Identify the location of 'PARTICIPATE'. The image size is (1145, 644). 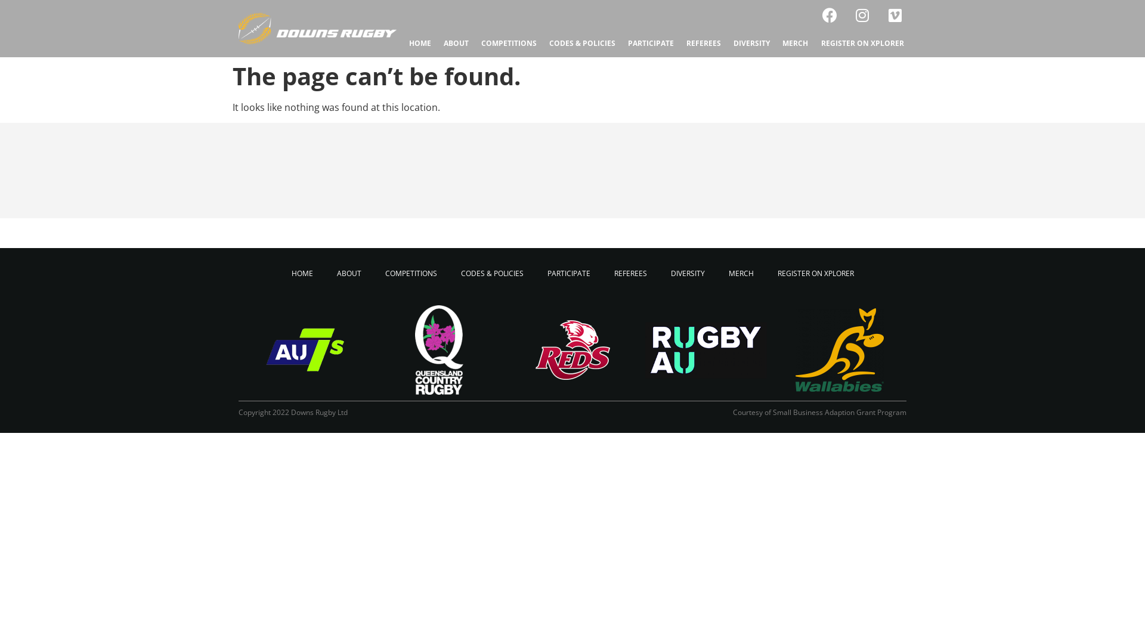
(568, 274).